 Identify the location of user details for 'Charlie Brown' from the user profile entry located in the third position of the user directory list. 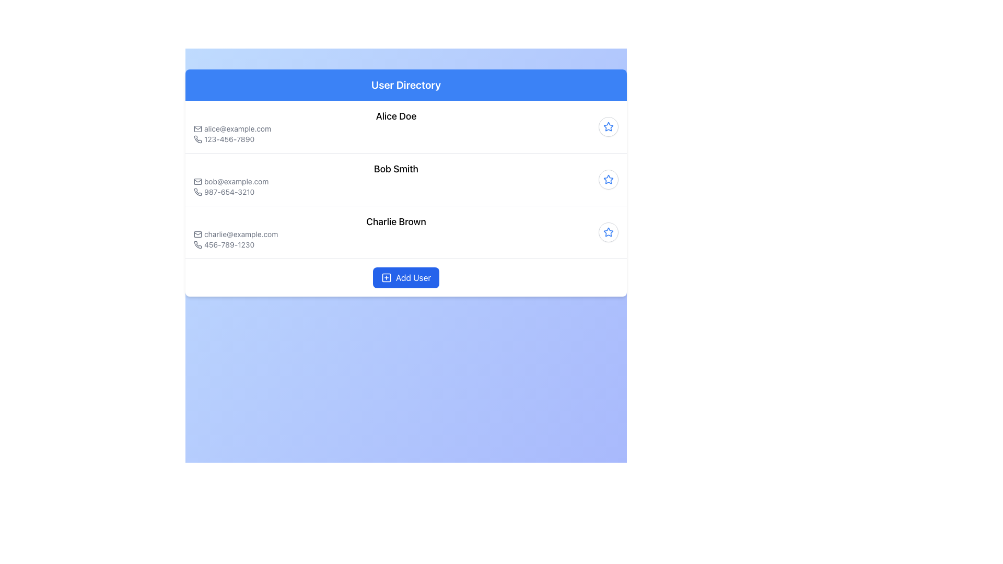
(405, 232).